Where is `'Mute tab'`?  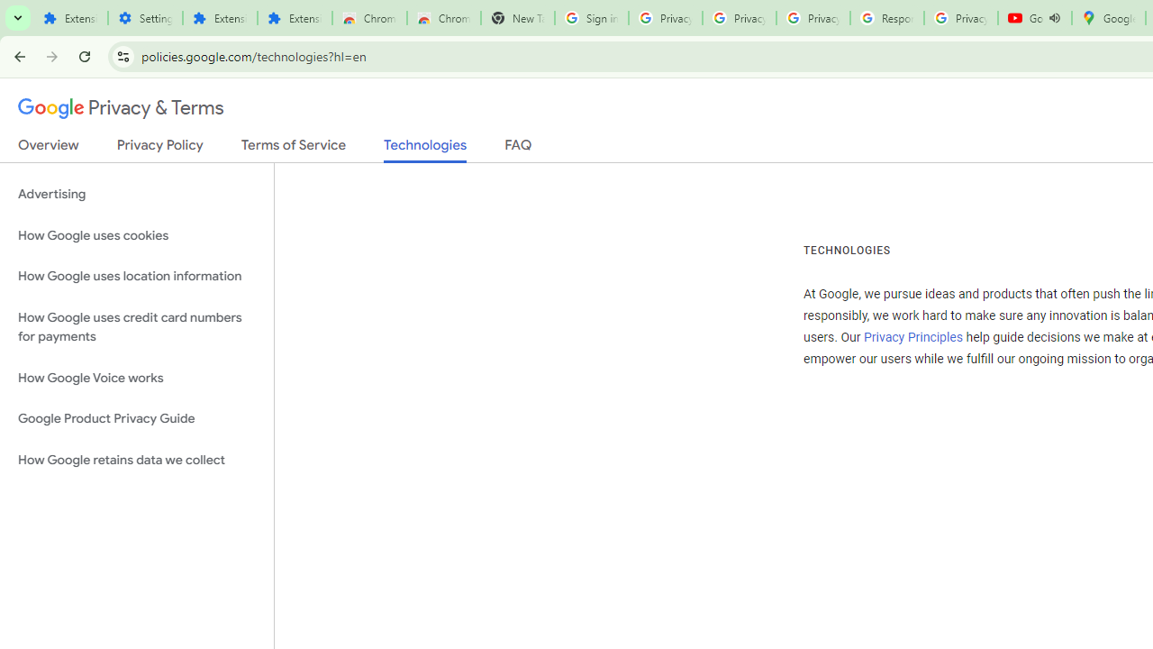 'Mute tab' is located at coordinates (1055, 18).